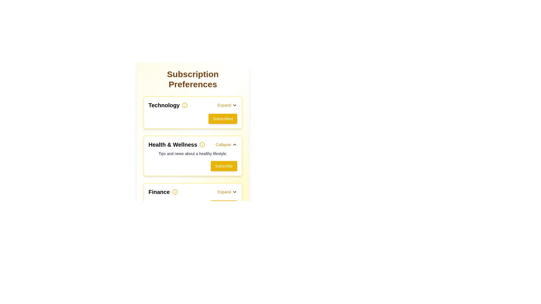  Describe the element at coordinates (227, 105) in the screenshot. I see `the Dropdown trigger button located in the top right corner of the 'Technology' subscription section` at that location.